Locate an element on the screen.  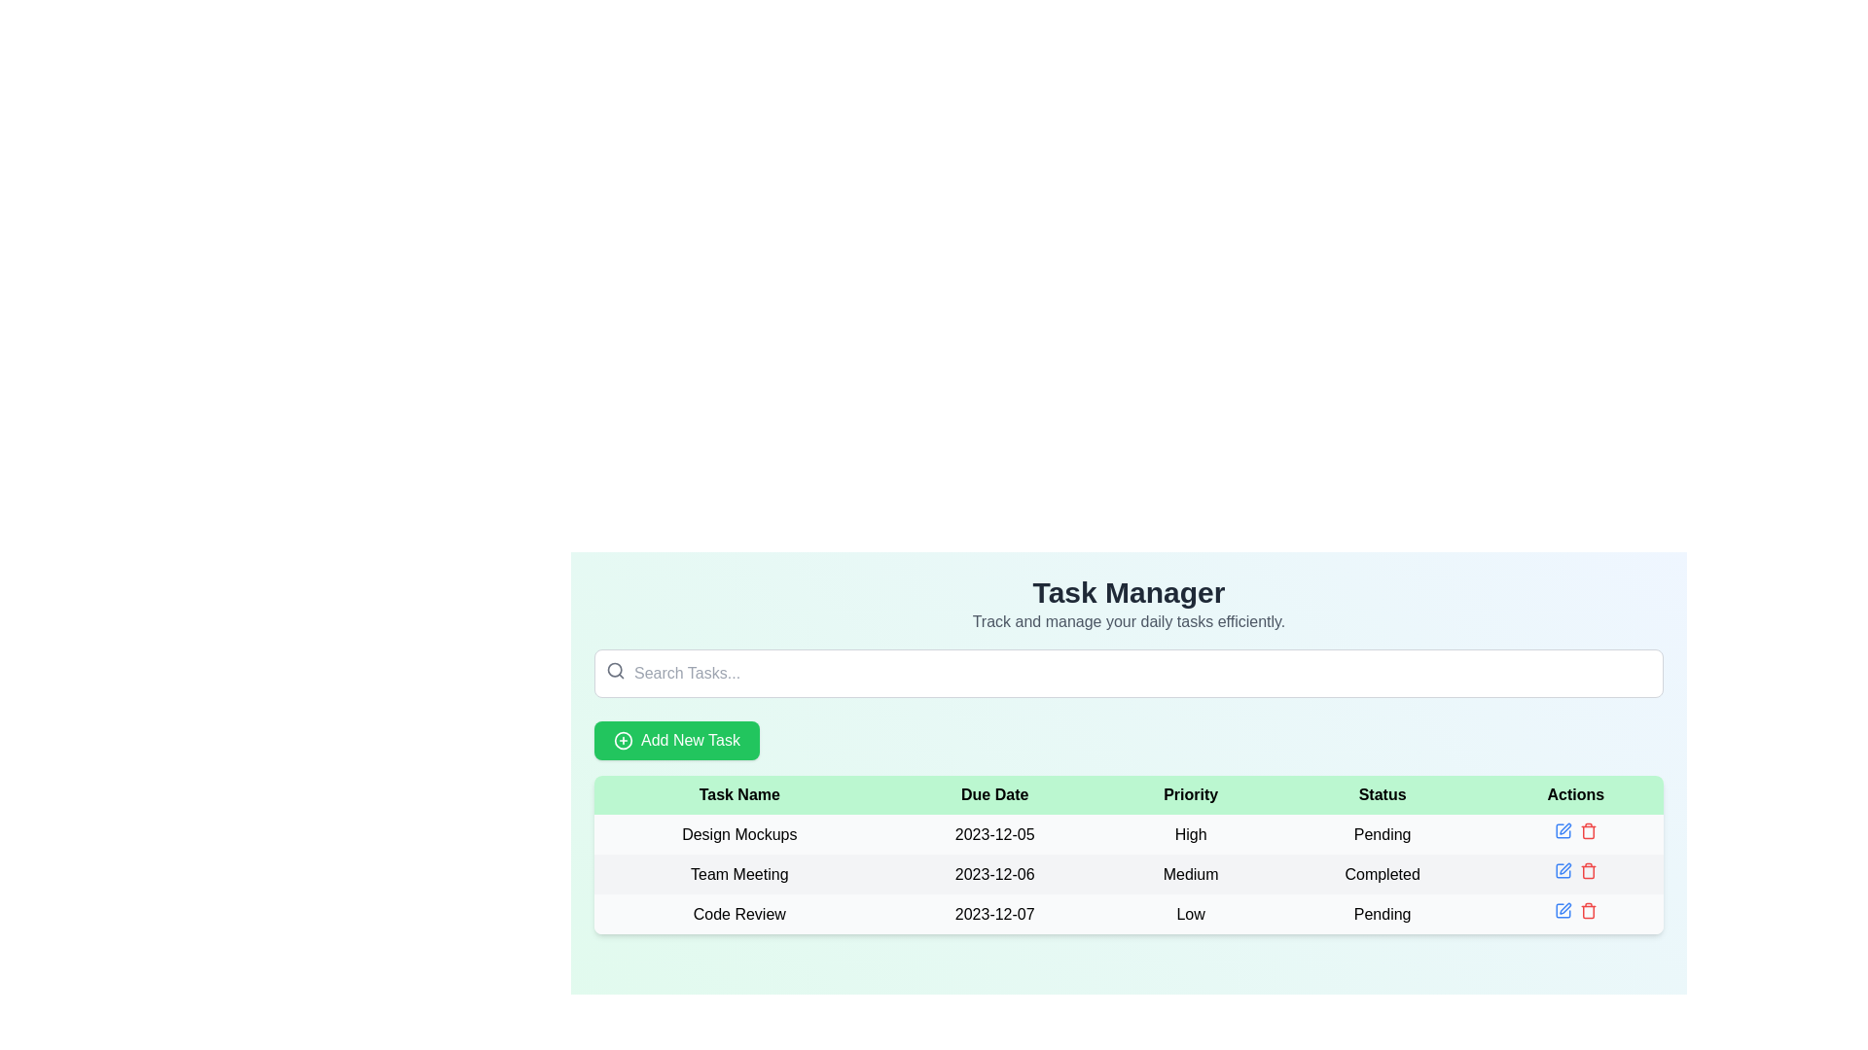
the text label displaying the date '2023-12-06' located in the second cell of the 'Due Date' column in the data table under the header, which aligns with the 'Team Meeting' task row is located at coordinates (994, 873).